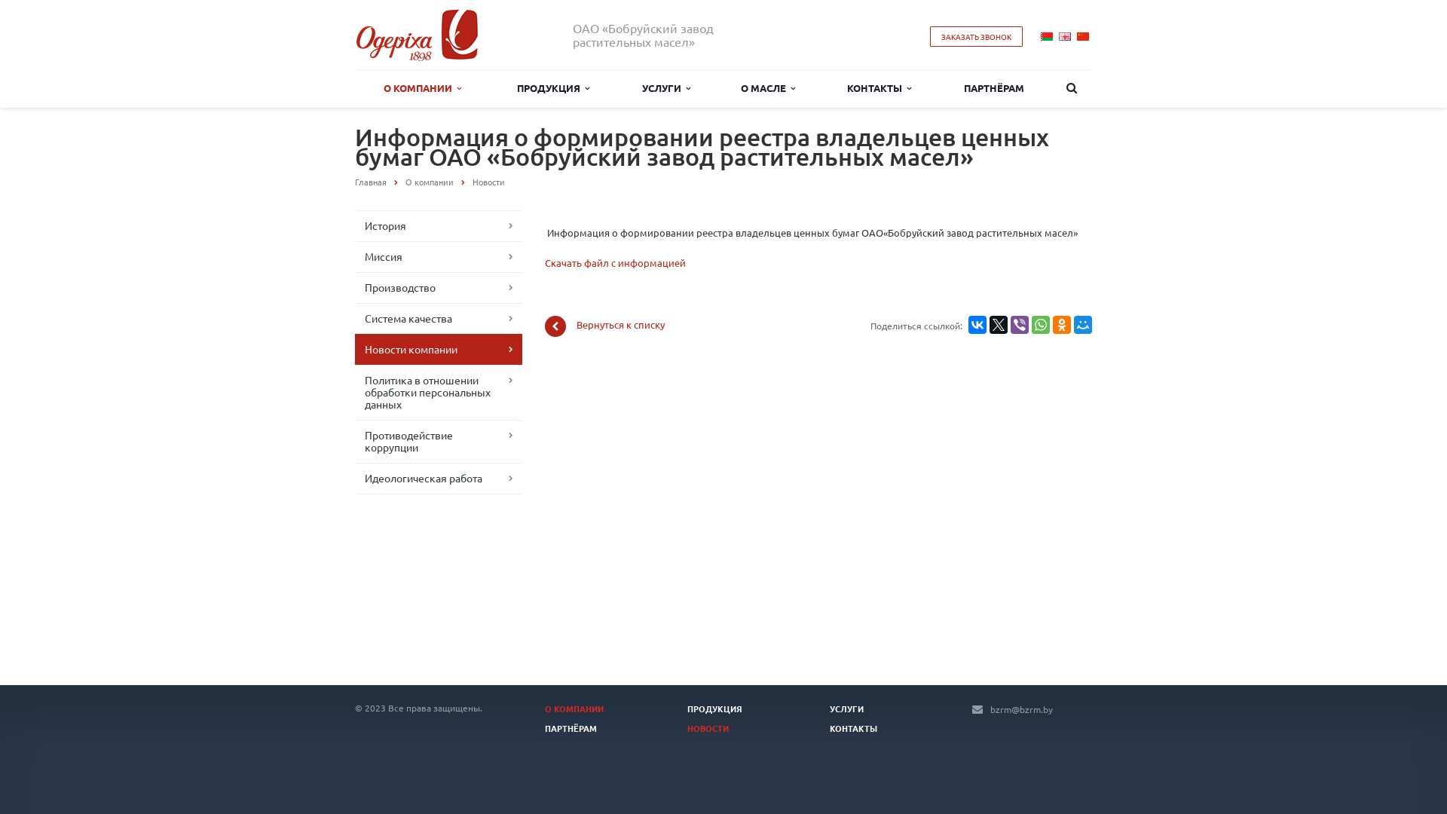 The height and width of the screenshot is (814, 1447). What do you see at coordinates (417, 34) in the screenshot?
I see `'bzrm.by'` at bounding box center [417, 34].